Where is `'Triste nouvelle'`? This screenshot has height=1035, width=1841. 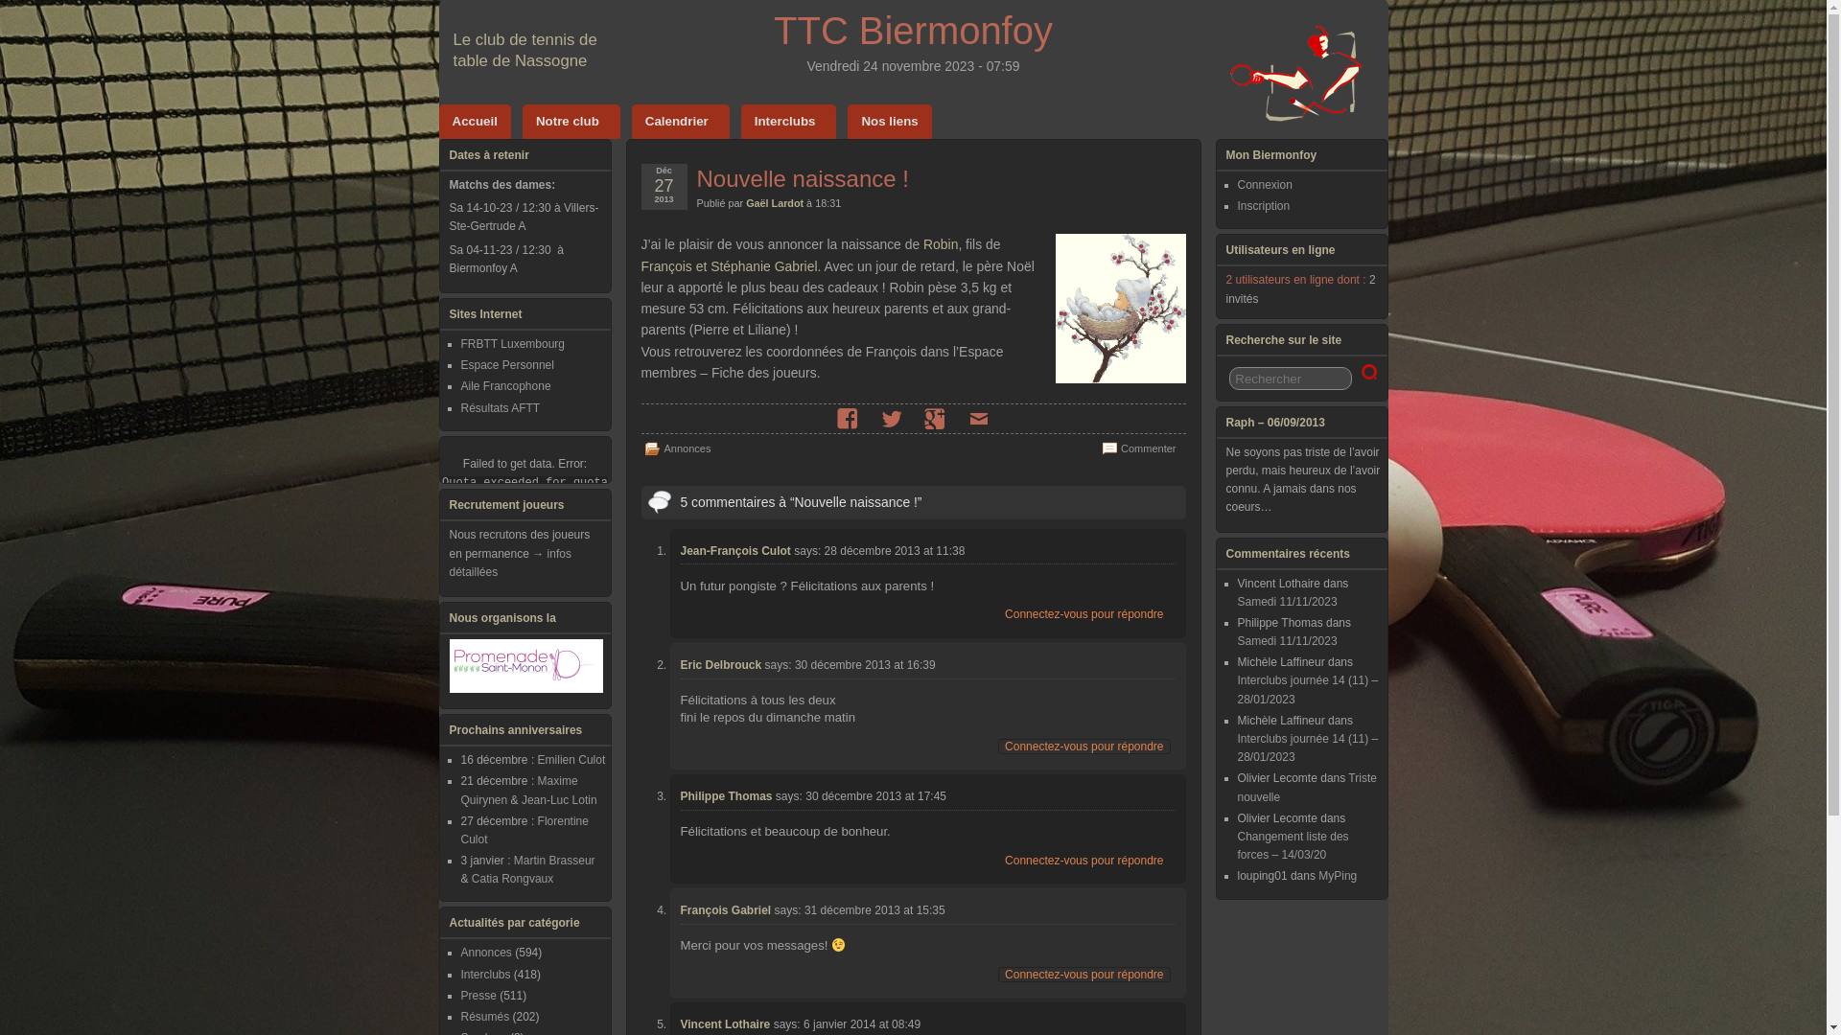
'Triste nouvelle' is located at coordinates (1305, 787).